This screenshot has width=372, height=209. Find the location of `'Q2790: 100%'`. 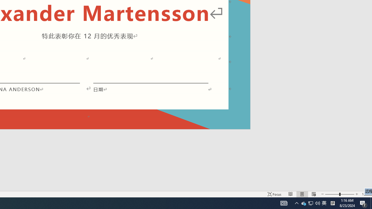

'Q2790: 100%' is located at coordinates (317, 203).